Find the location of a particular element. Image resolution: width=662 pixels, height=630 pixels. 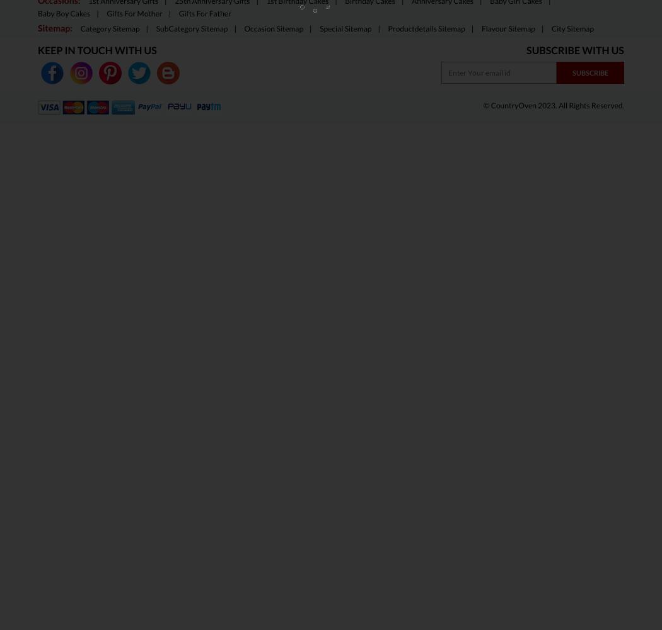

'Flavour Sitemap' is located at coordinates (507, 28).